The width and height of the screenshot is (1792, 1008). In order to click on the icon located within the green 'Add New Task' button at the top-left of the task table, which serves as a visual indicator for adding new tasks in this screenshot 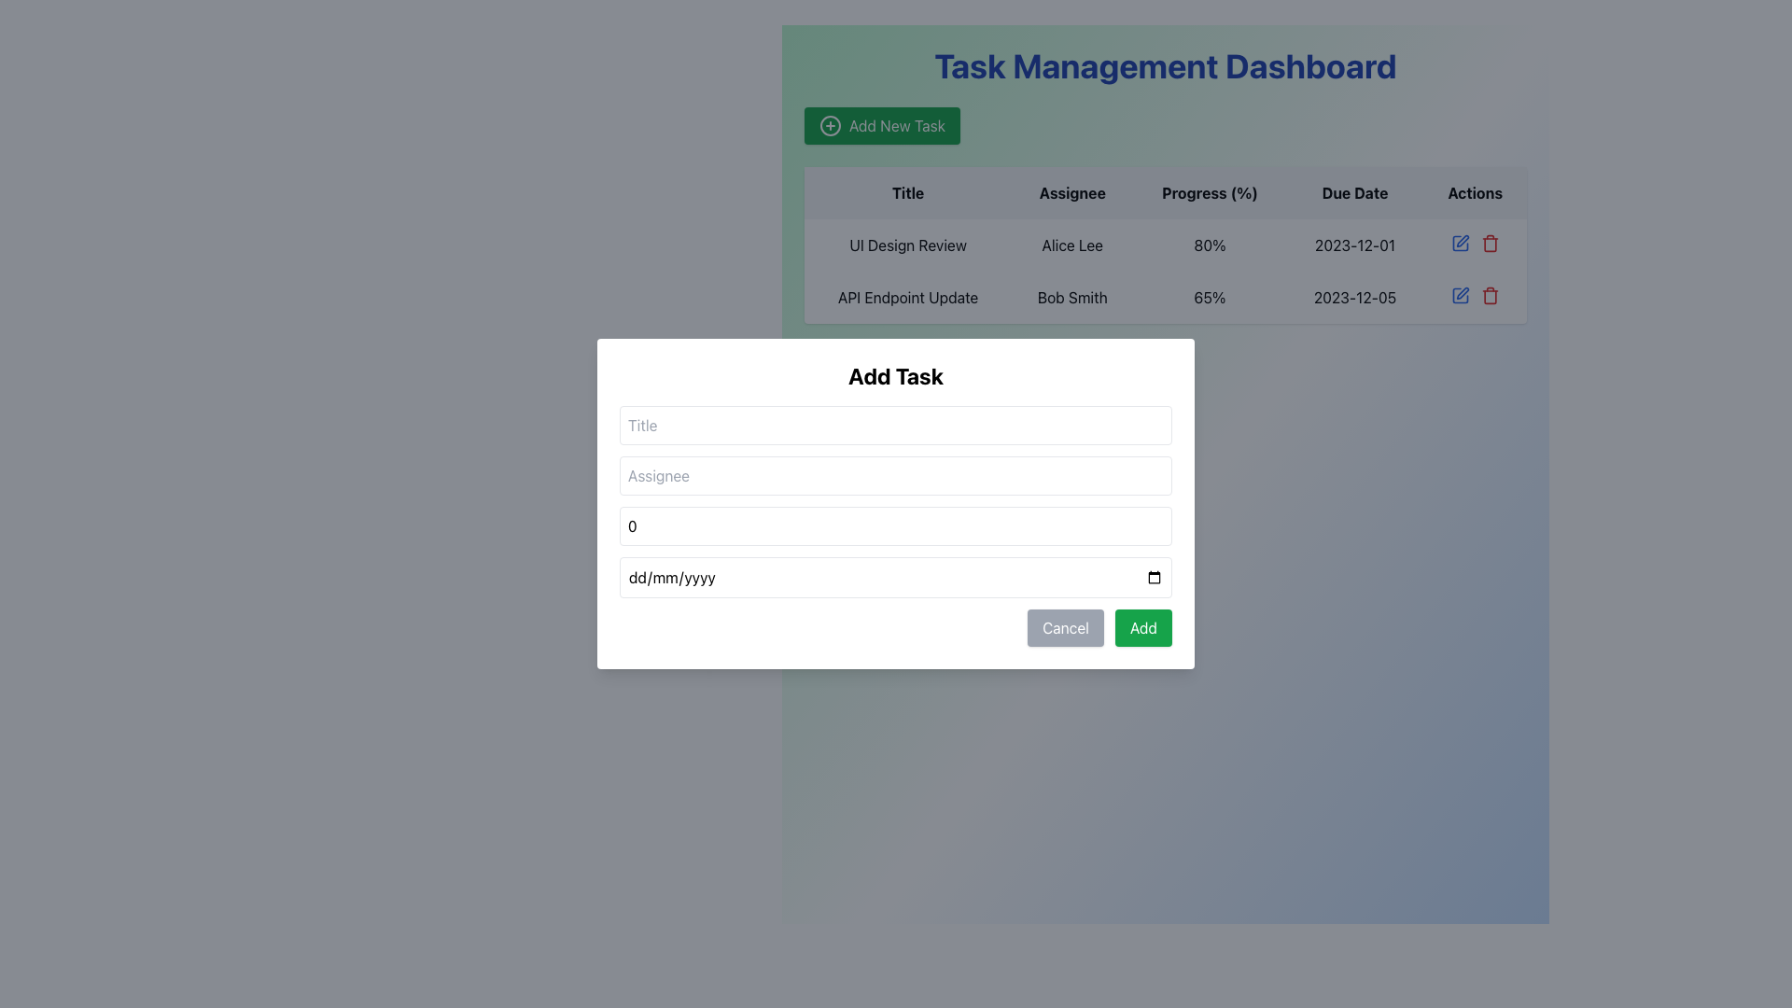, I will do `click(829, 126)`.